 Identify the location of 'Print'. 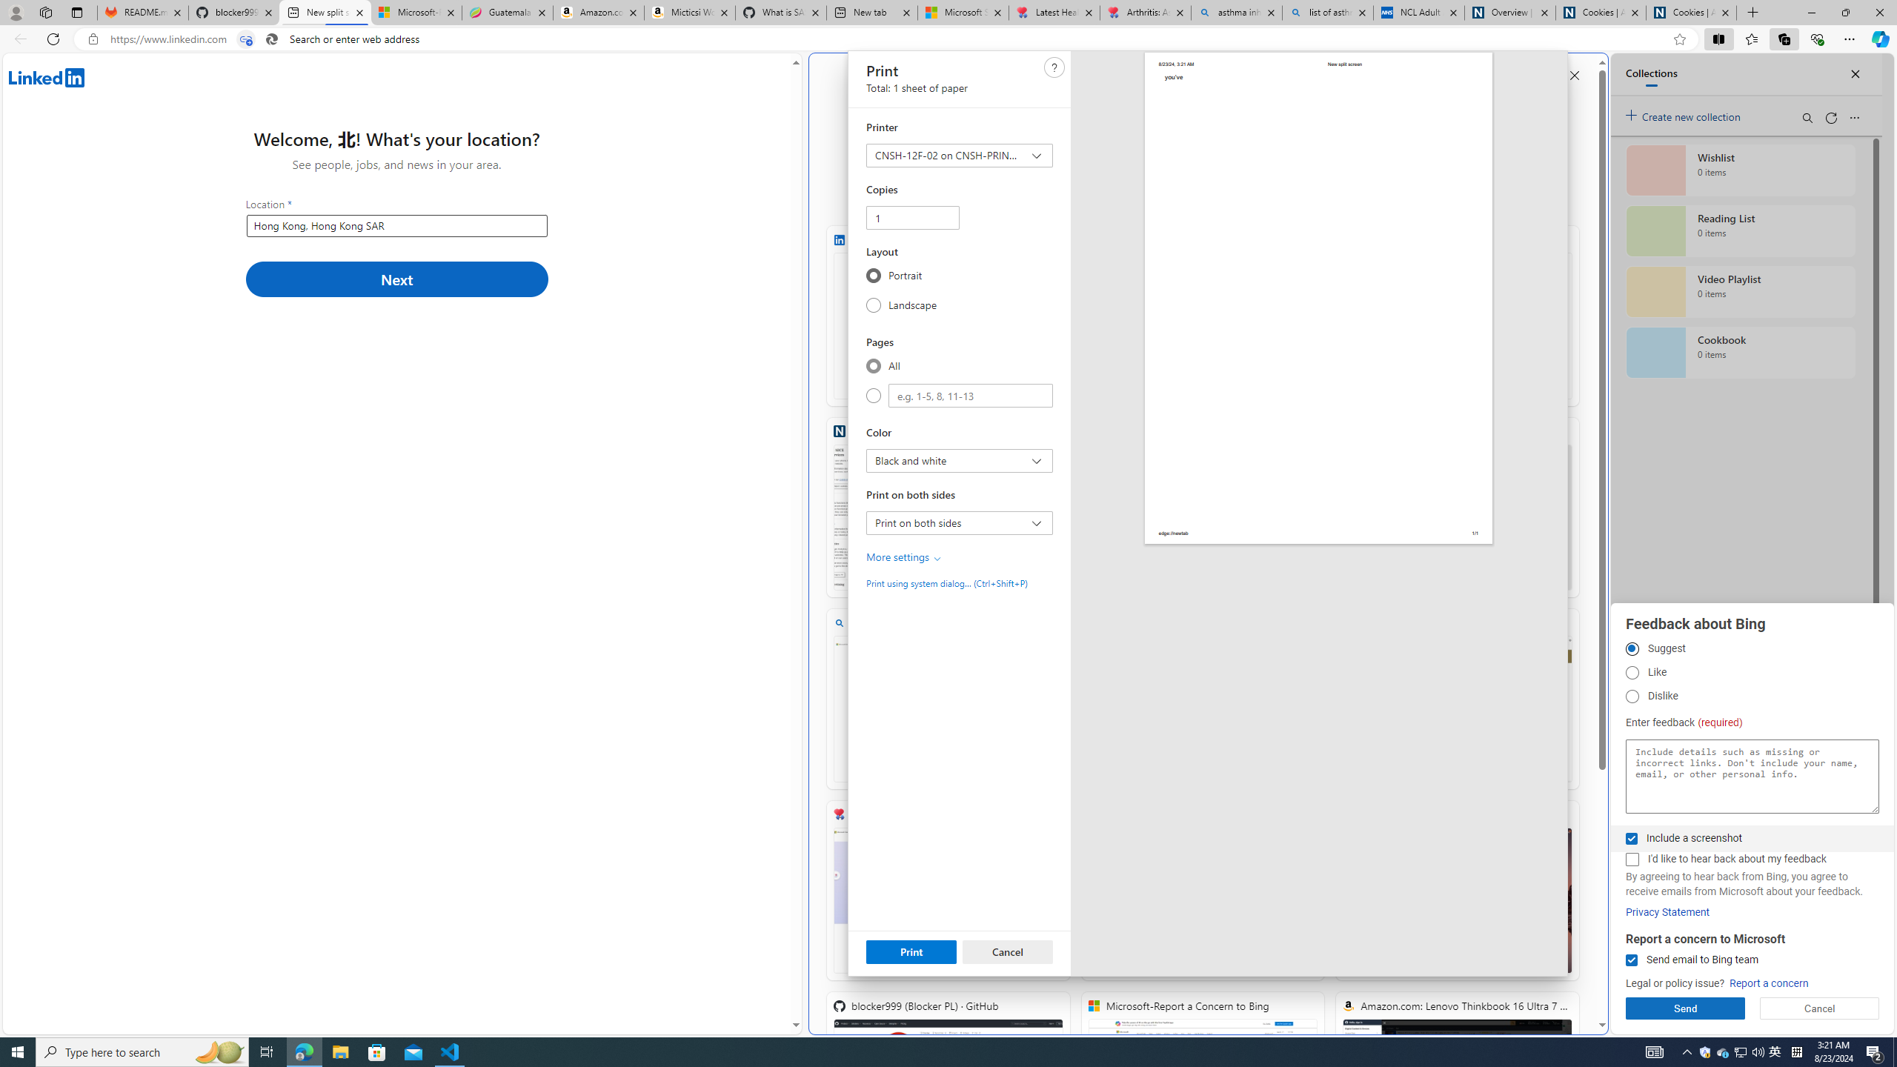
(911, 951).